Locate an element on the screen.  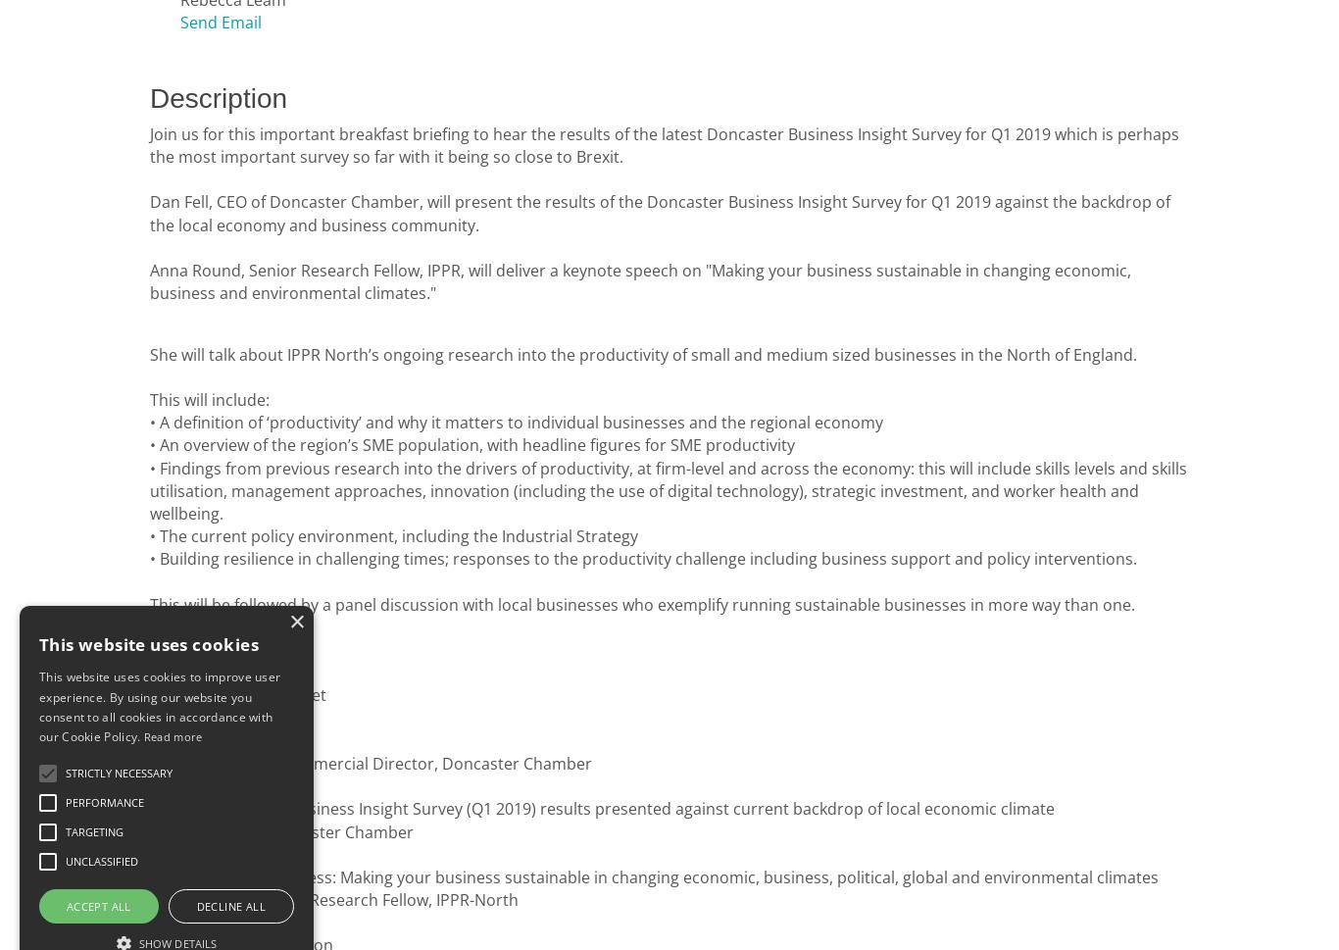
'- Anna Round, Senior Research Fellow, IPPR-North' is located at coordinates (333, 900).